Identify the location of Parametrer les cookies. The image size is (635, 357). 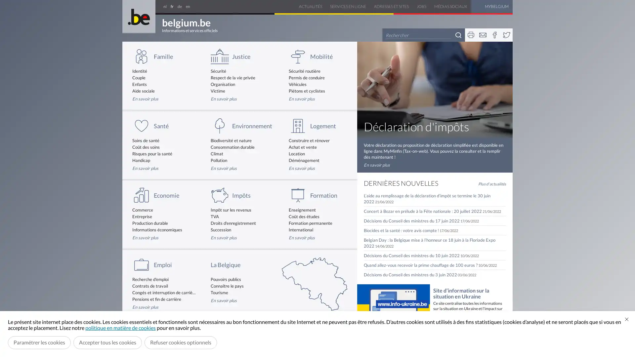
(39, 342).